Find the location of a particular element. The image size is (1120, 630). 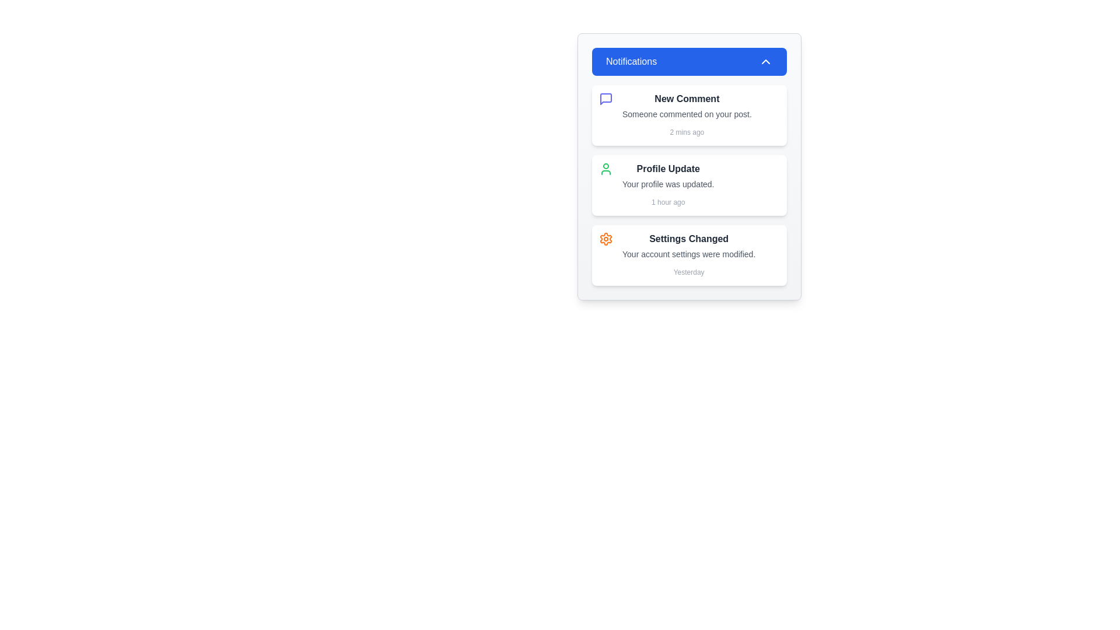

the settings icon styled as a gear symbol with orange accents, located to the left of the text content 'Settings Changed' within the third notification card is located at coordinates (605, 238).